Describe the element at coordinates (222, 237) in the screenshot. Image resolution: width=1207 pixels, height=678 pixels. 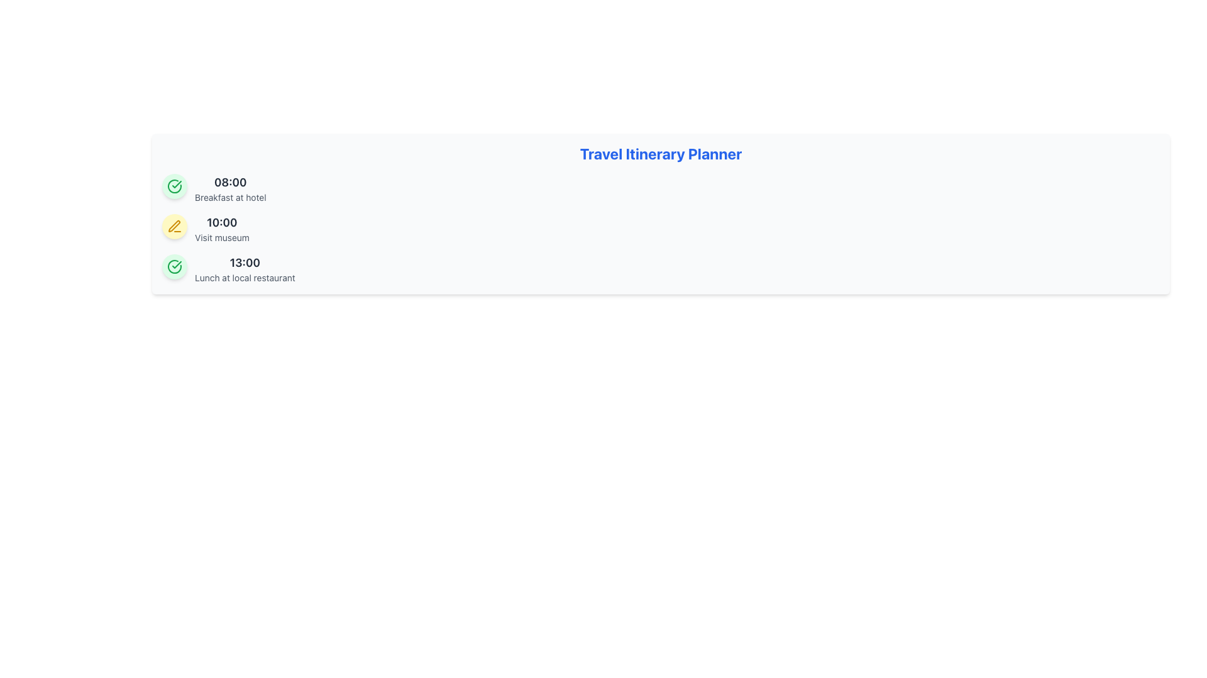
I see `the label displaying the scheduled activity for 10:00, which is the second entry in the itinerary list` at that location.